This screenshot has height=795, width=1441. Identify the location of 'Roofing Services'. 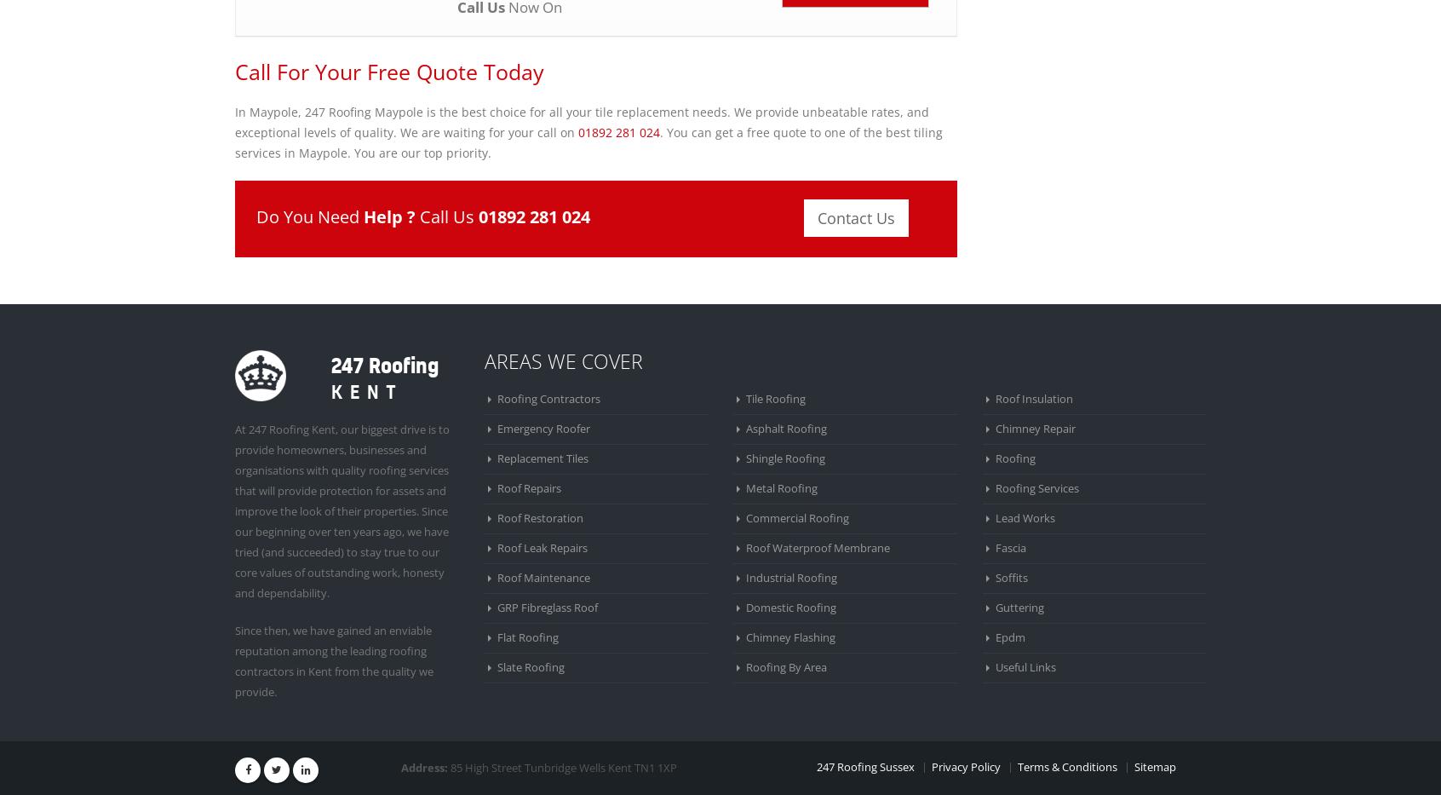
(993, 487).